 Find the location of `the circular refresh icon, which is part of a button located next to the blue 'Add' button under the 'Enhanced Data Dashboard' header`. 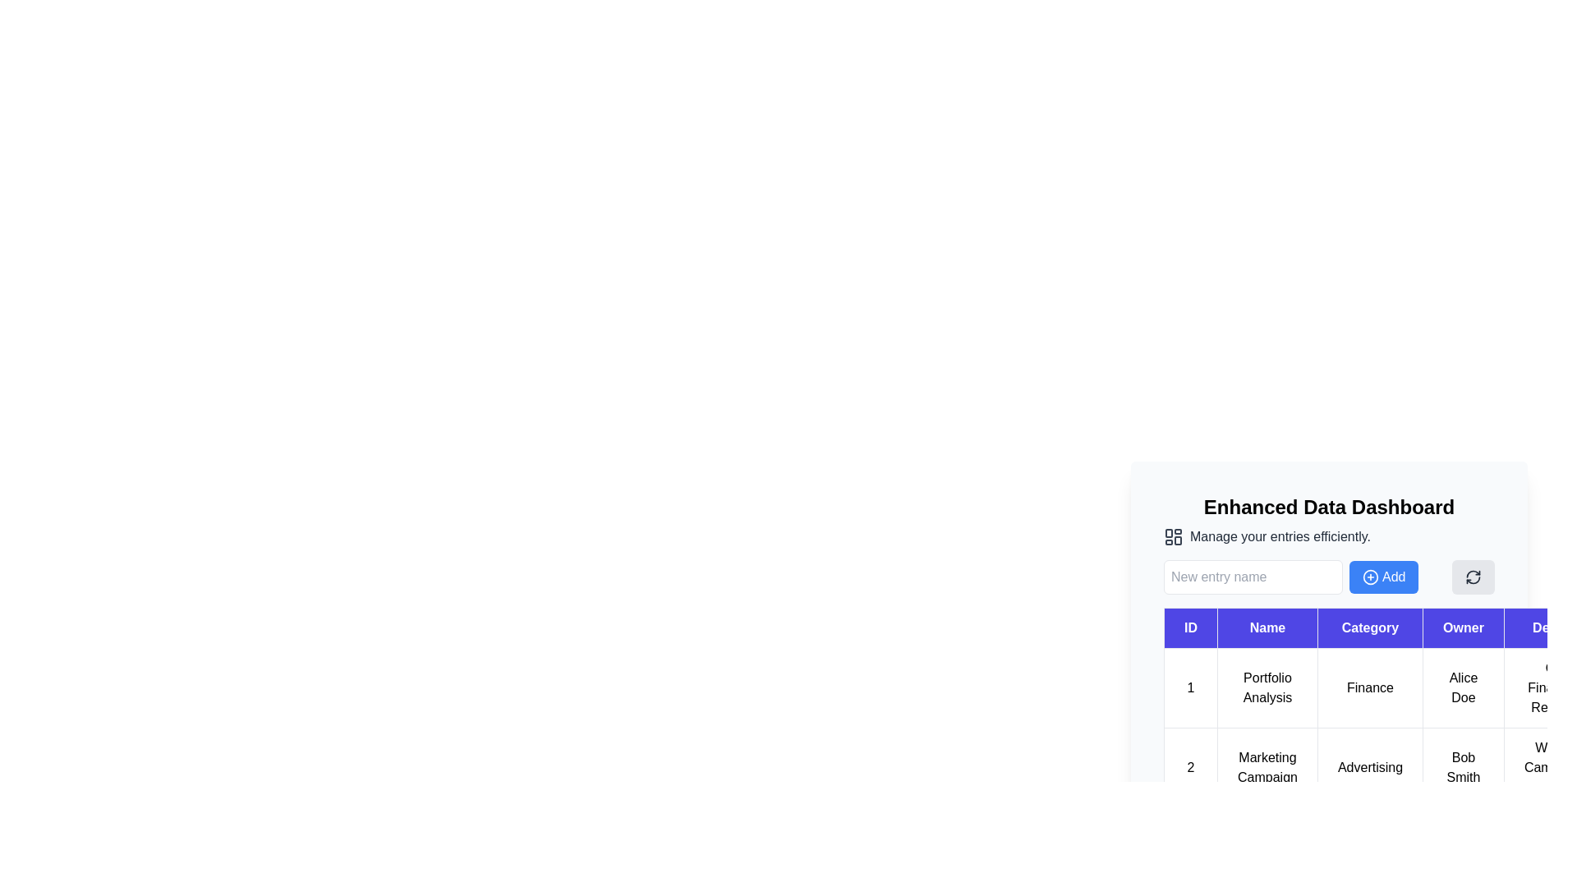

the circular refresh icon, which is part of a button located next to the blue 'Add' button under the 'Enhanced Data Dashboard' header is located at coordinates (1474, 576).